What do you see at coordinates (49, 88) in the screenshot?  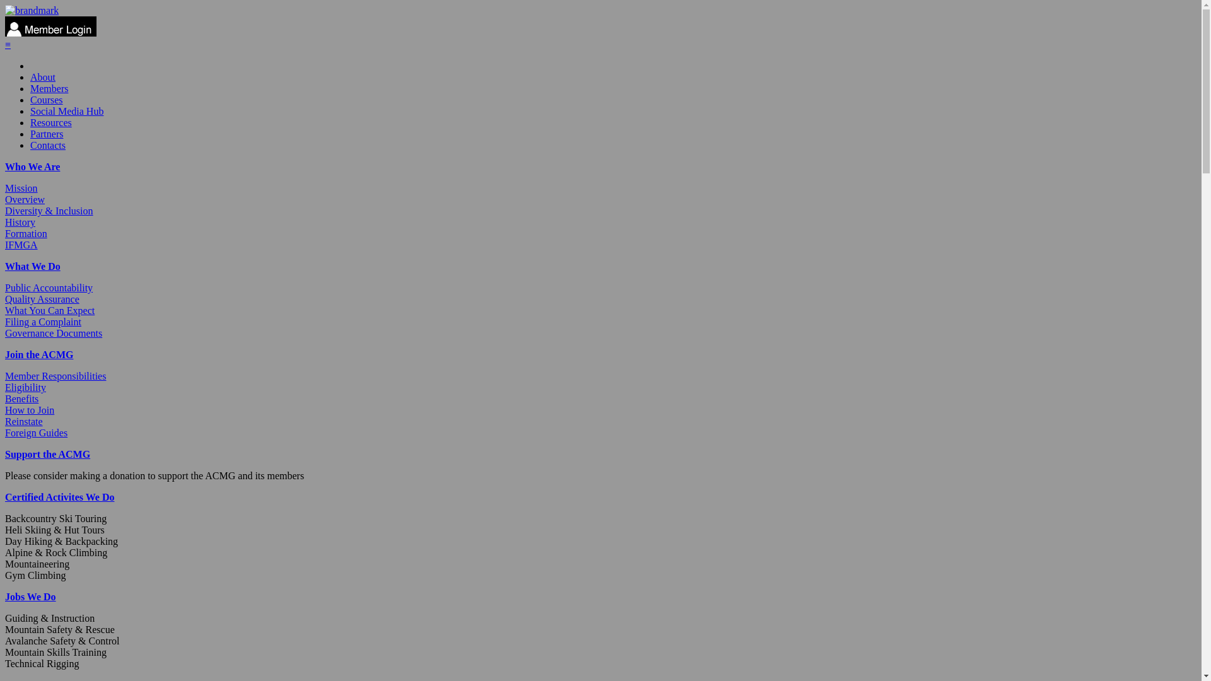 I see `'Members'` at bounding box center [49, 88].